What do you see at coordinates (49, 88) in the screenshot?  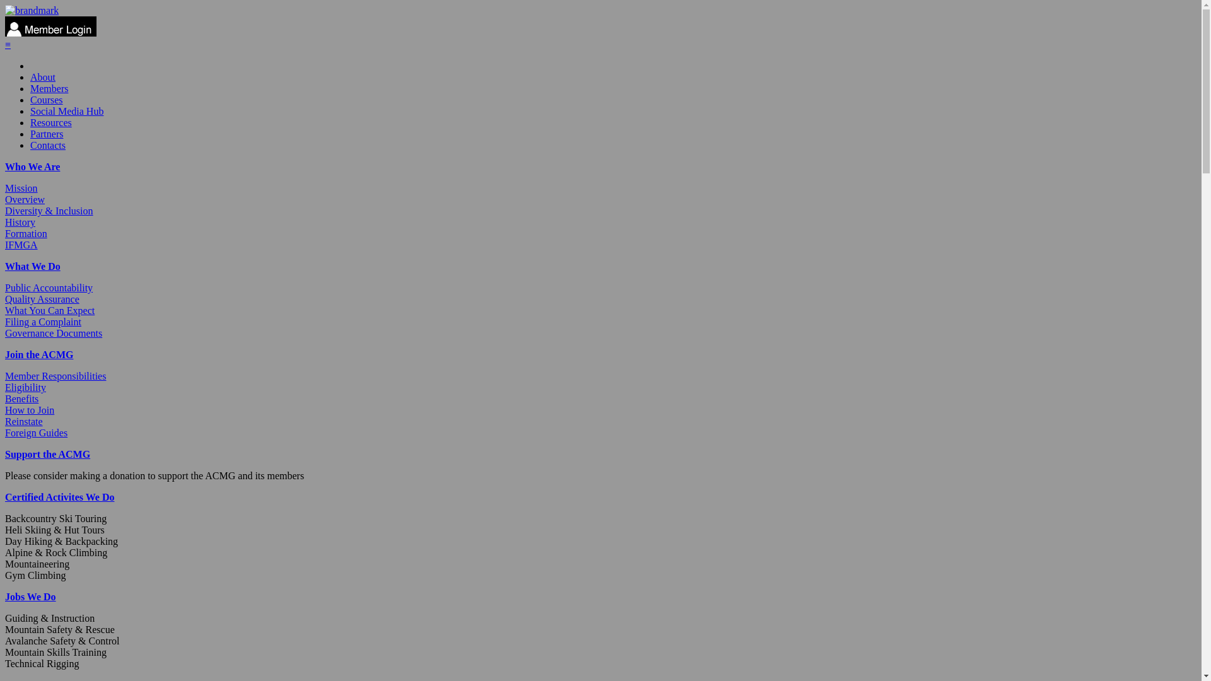 I see `'Members'` at bounding box center [49, 88].